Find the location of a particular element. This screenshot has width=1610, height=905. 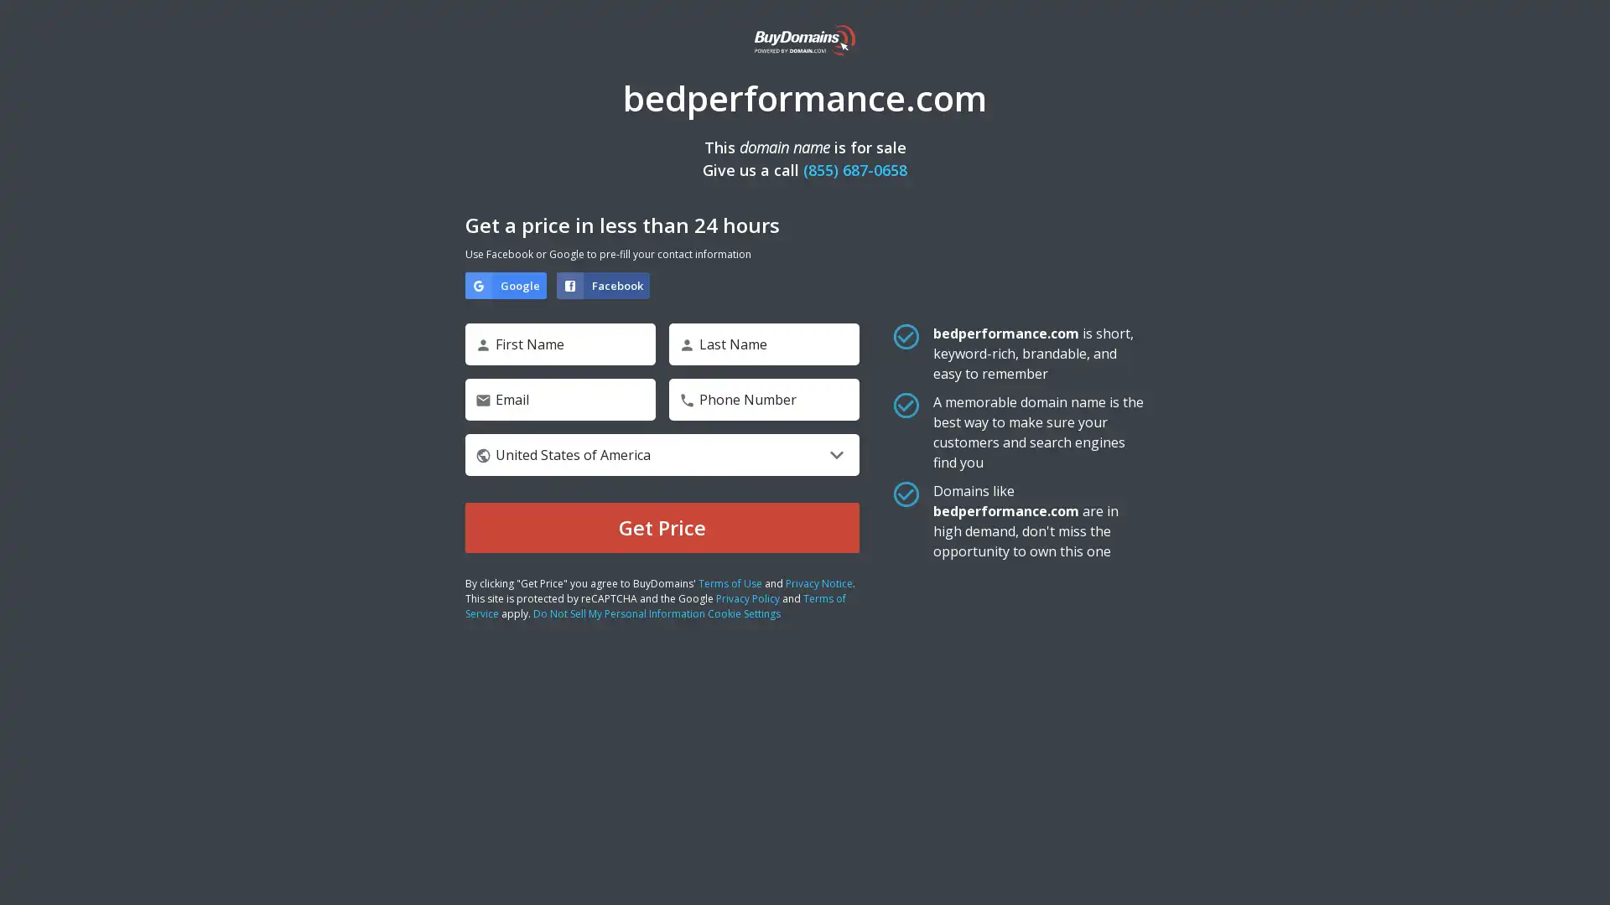

Facebook is located at coordinates (603, 284).